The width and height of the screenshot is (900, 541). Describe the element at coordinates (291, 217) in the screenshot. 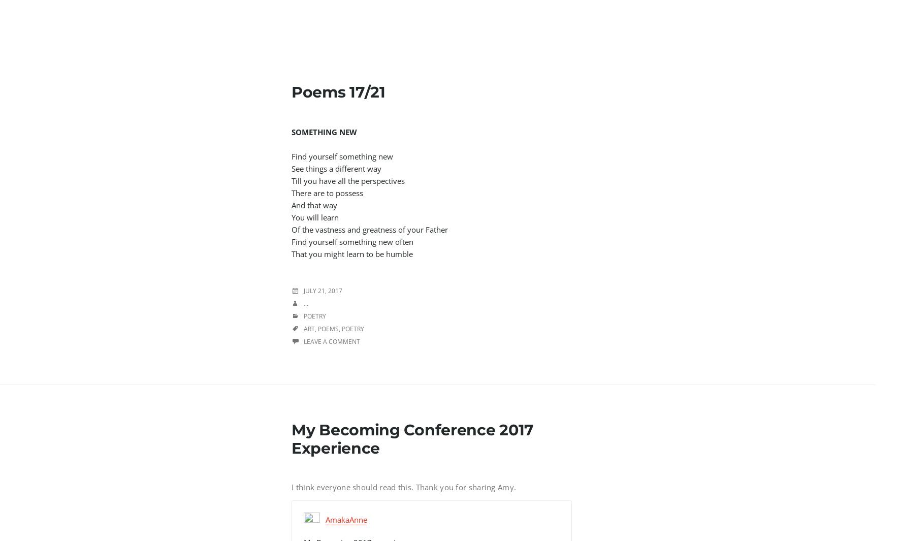

I see `'You will learn'` at that location.